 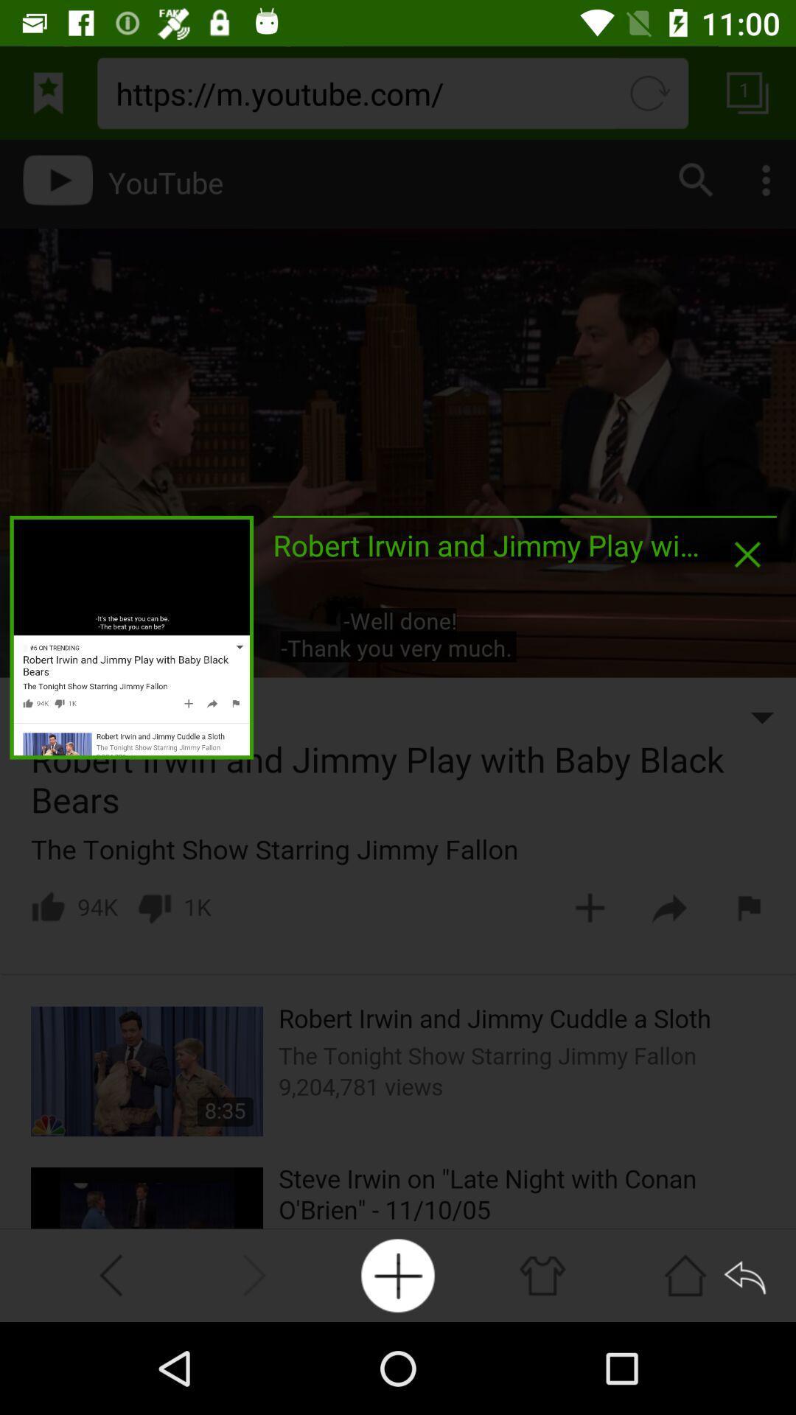 I want to click on to playlist, so click(x=398, y=1275).